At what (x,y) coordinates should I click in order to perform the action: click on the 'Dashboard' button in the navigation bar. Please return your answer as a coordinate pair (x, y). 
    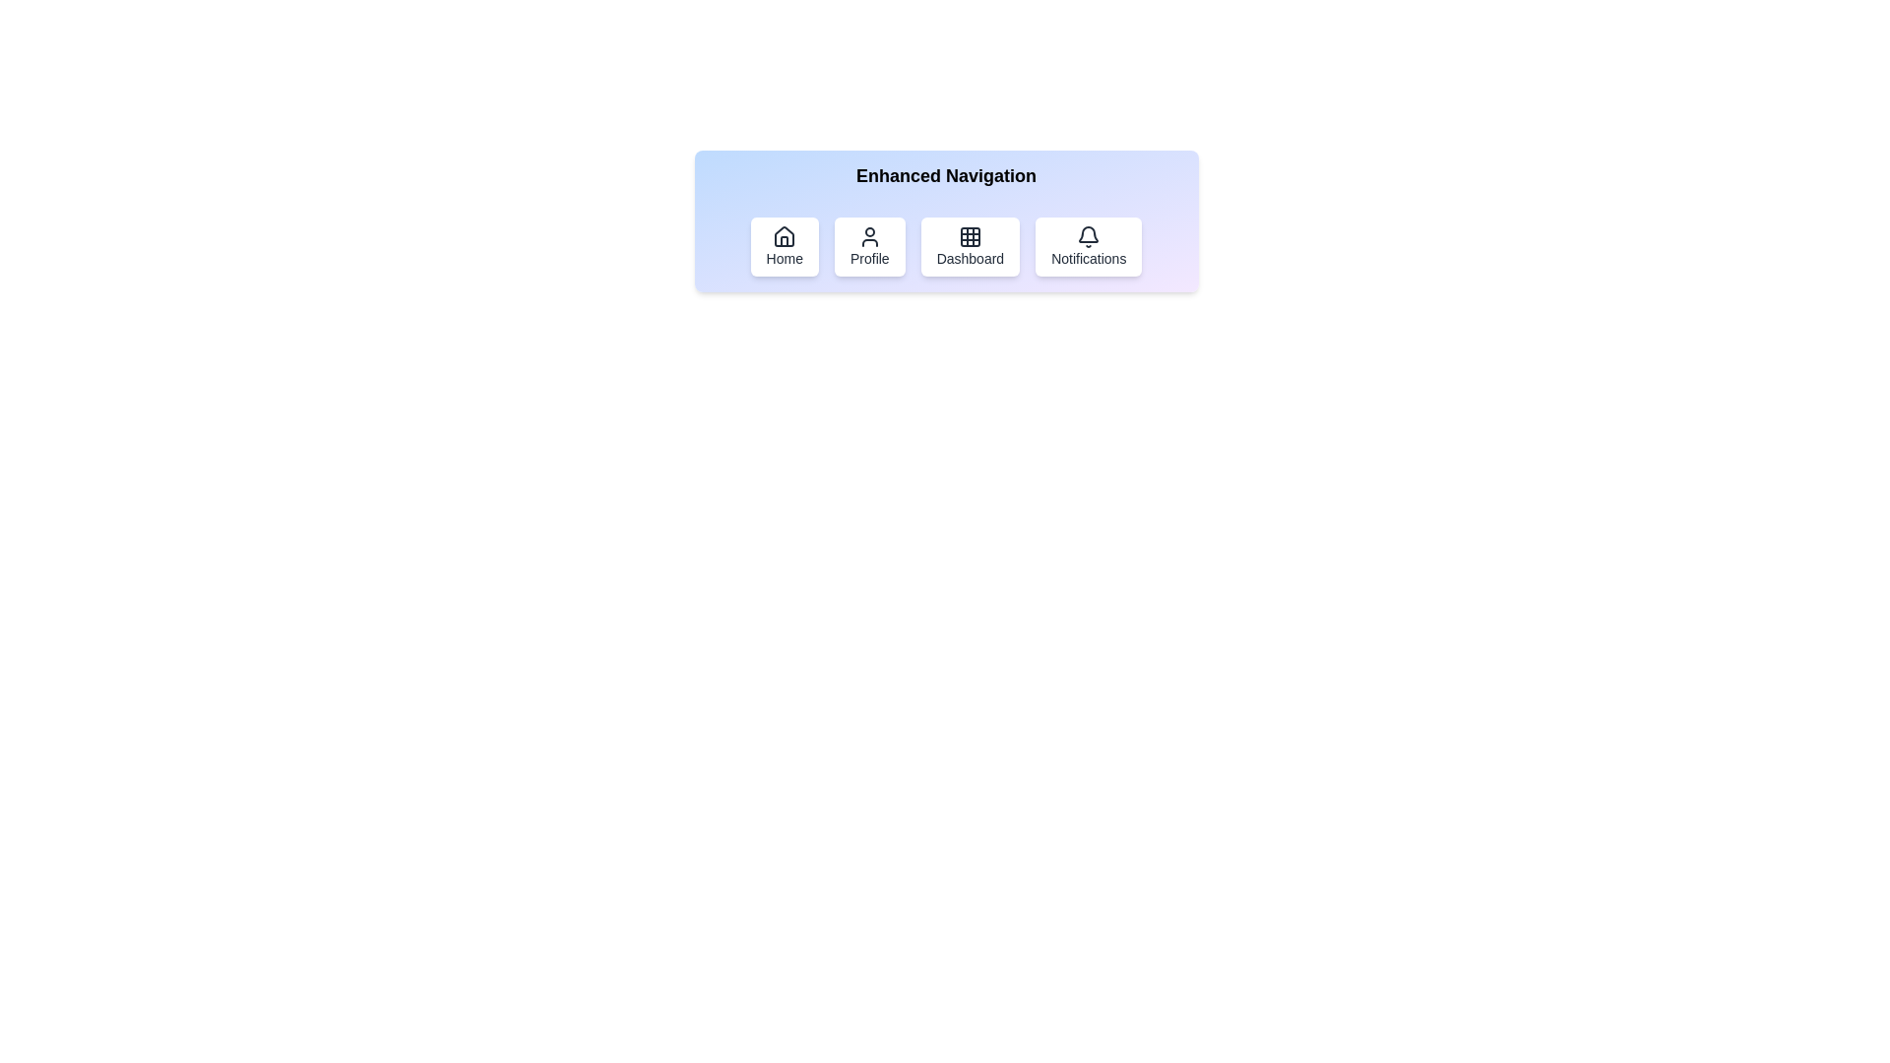
    Looking at the image, I should click on (946, 220).